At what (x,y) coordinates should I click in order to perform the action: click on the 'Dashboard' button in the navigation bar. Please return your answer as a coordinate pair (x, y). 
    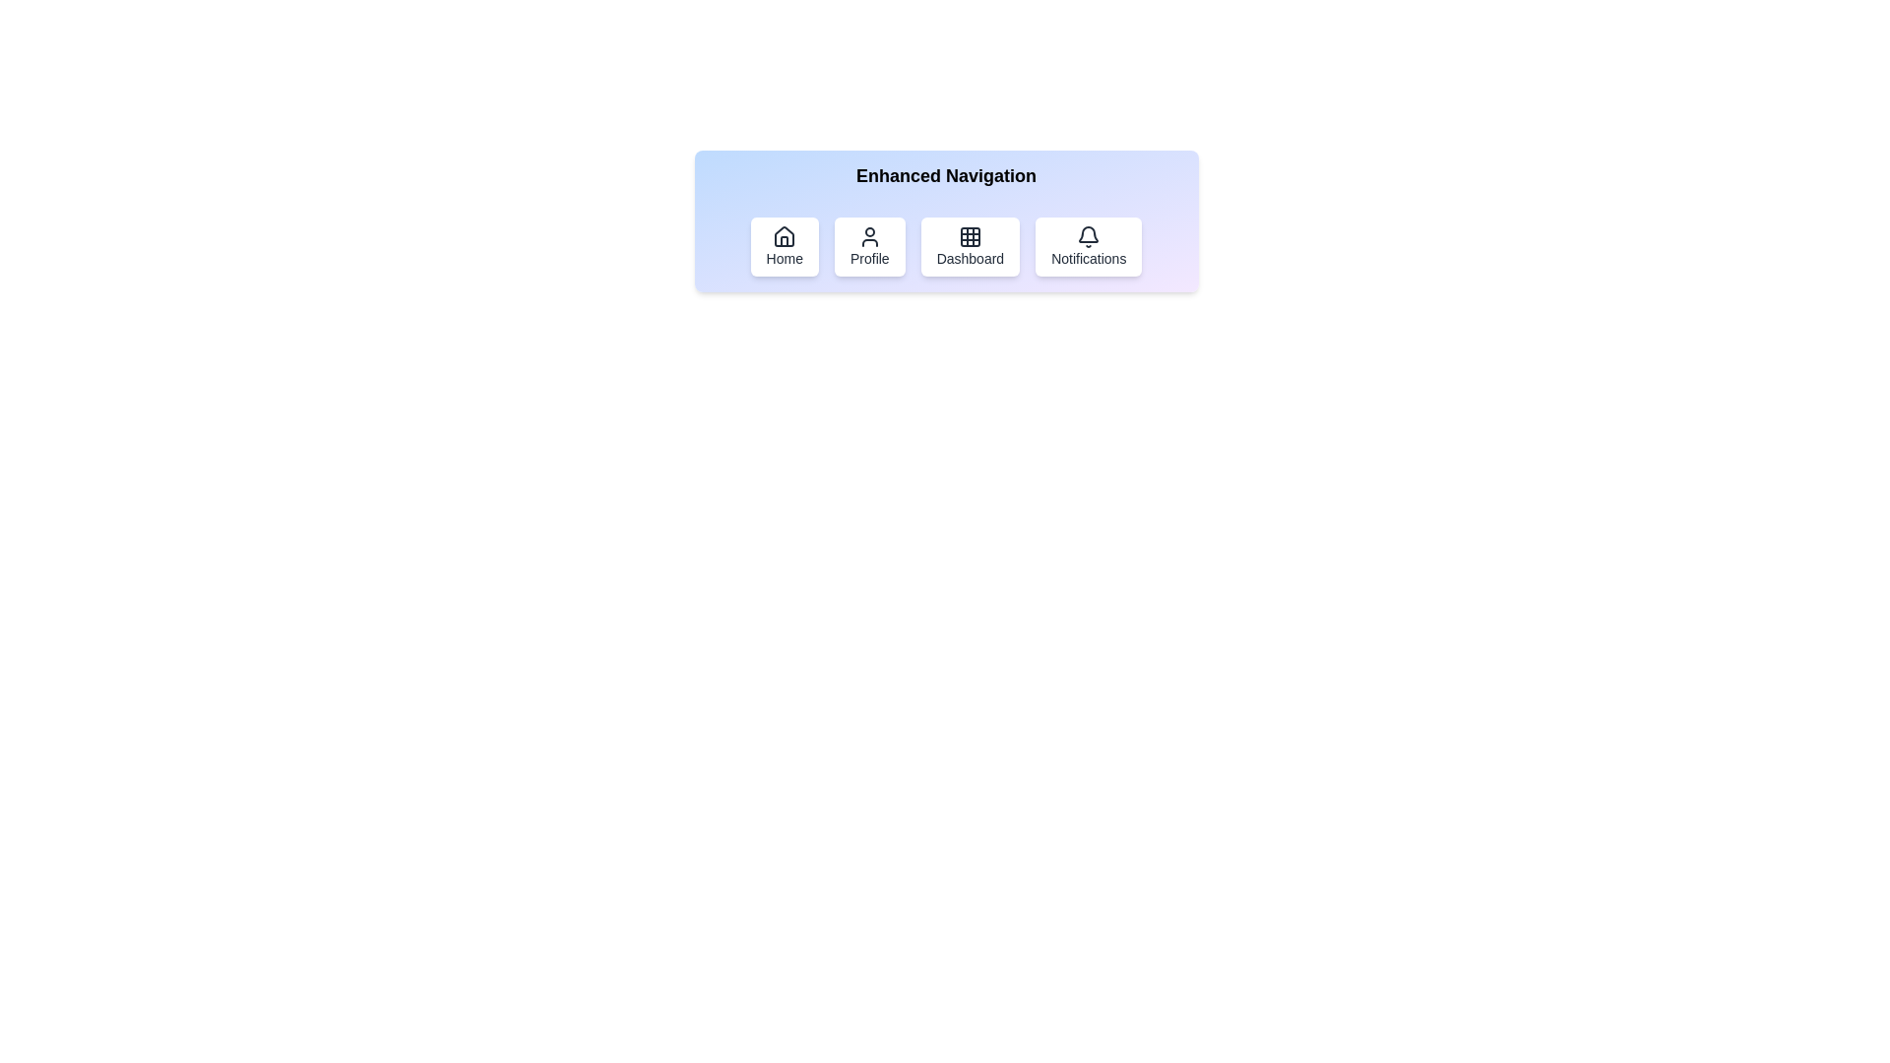
    Looking at the image, I should click on (946, 220).